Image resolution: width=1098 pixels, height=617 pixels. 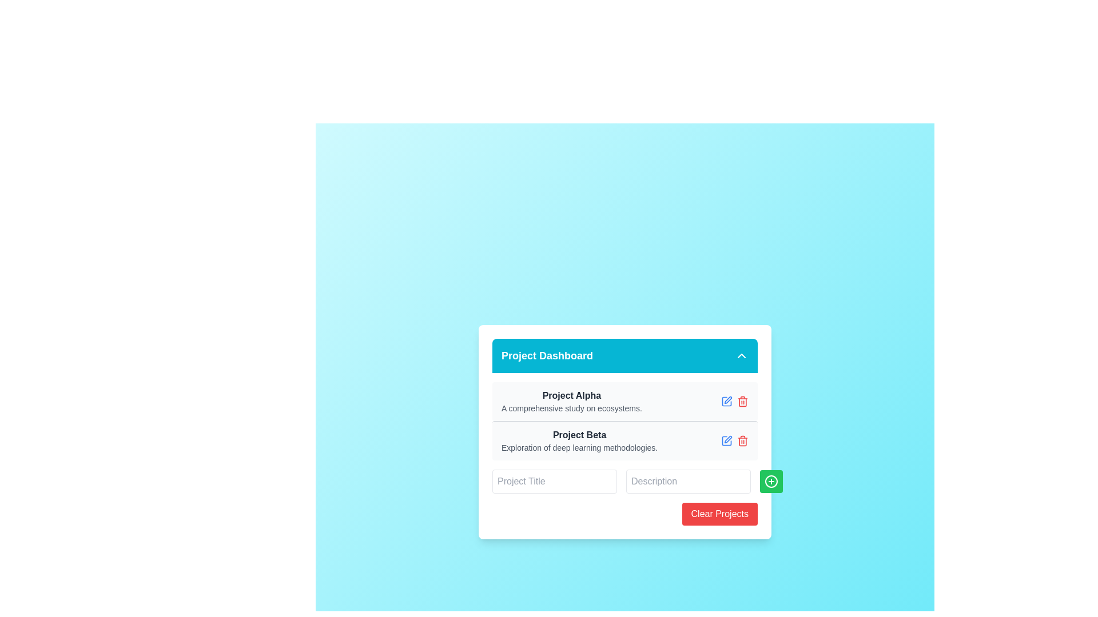 What do you see at coordinates (571, 407) in the screenshot?
I see `the text label providing additional information about the project titled 'Project Alpha', located directly beneath the bold text in the first project card of the 'Project Dashboard' section` at bounding box center [571, 407].